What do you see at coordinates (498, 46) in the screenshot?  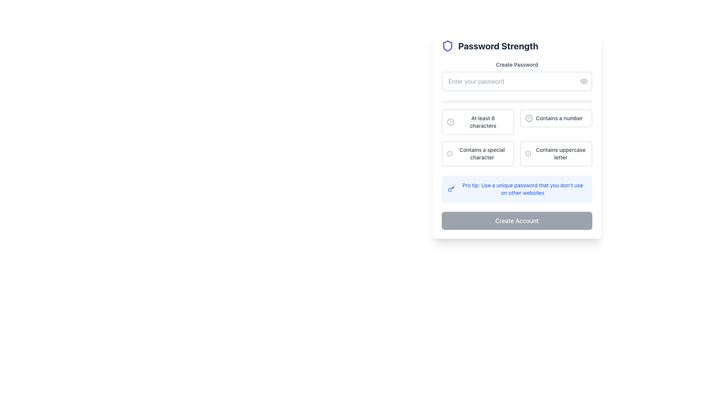 I see `the text label that indicates the password strength evaluation functionality, located to the right of the shield icon near the top of the form` at bounding box center [498, 46].